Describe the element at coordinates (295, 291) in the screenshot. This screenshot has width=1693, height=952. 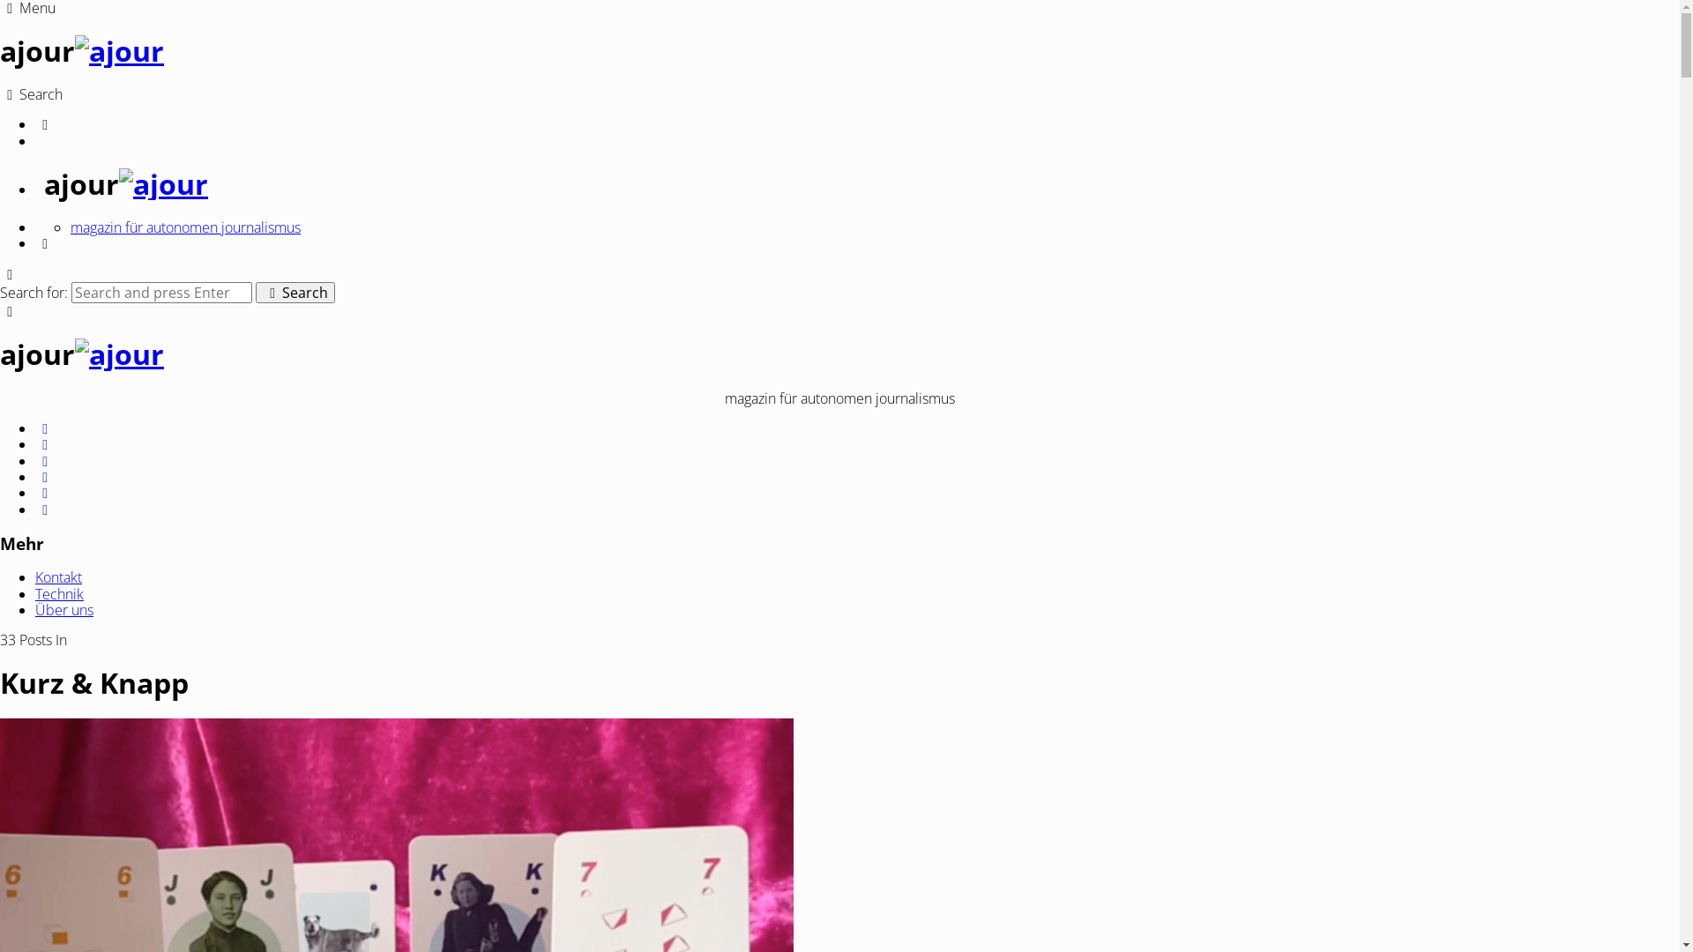
I see `'Search'` at that location.